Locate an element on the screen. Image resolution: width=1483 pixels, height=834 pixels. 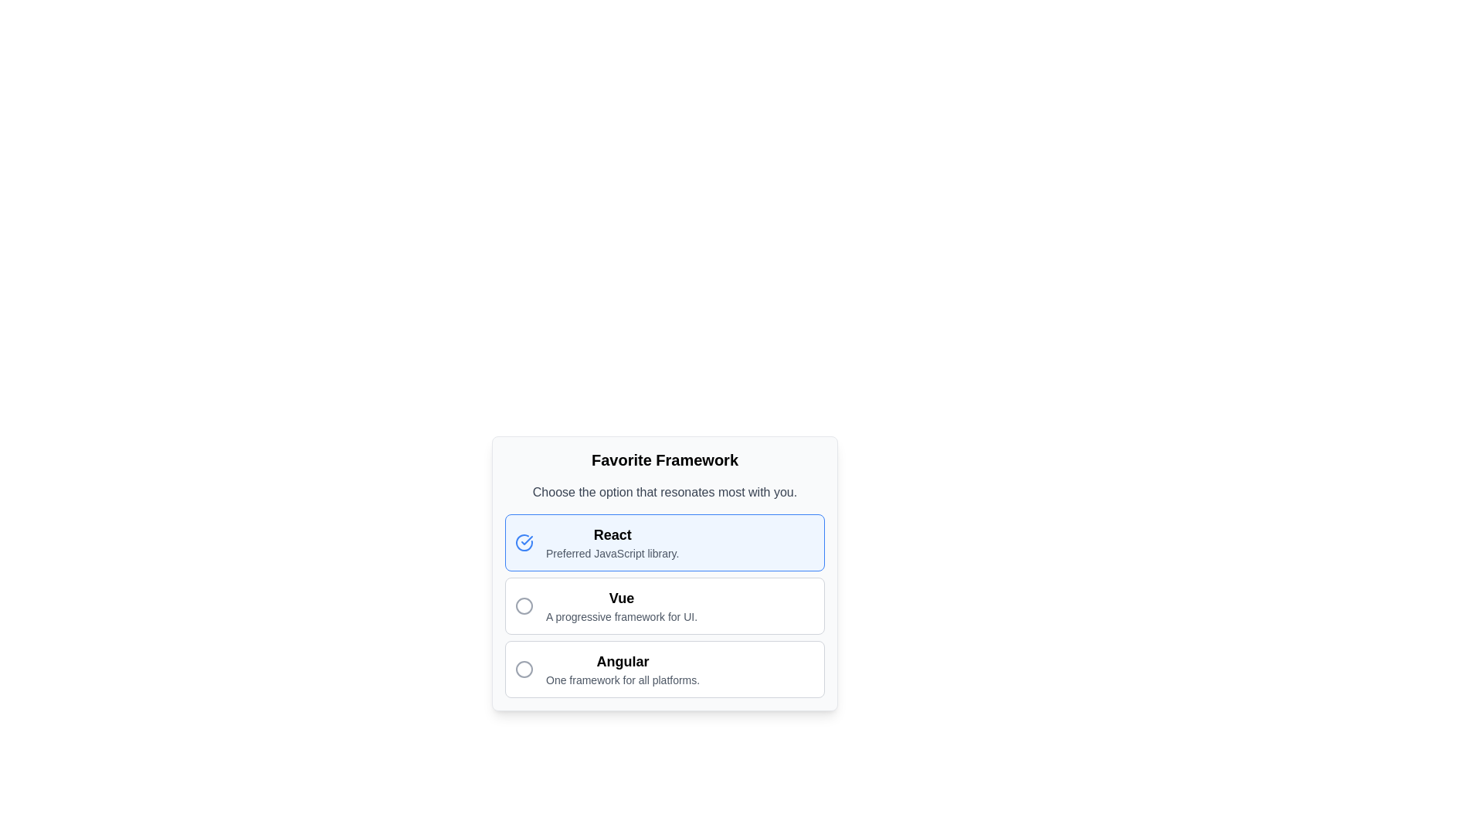
descriptions of the frameworks in the radio button group styled as a card, which allows selection between React, Vue, and Angular is located at coordinates (664, 574).